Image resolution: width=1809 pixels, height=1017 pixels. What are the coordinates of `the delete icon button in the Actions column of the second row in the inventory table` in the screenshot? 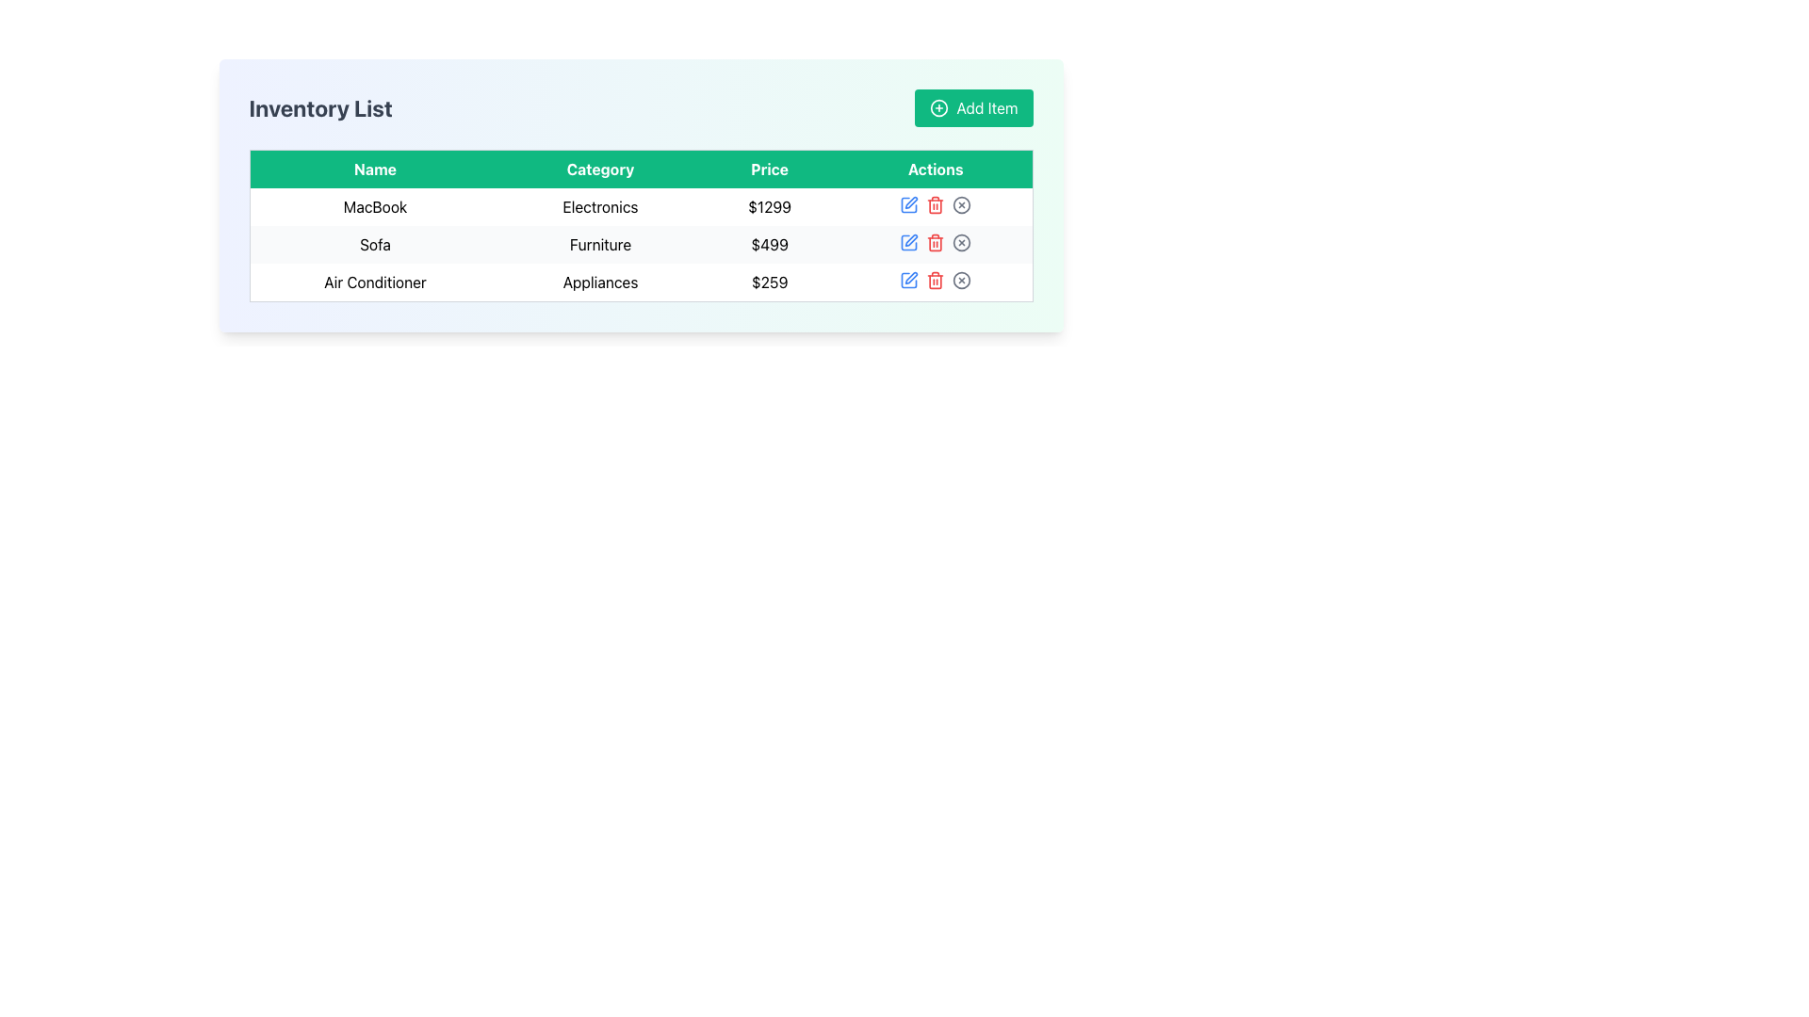 It's located at (936, 242).